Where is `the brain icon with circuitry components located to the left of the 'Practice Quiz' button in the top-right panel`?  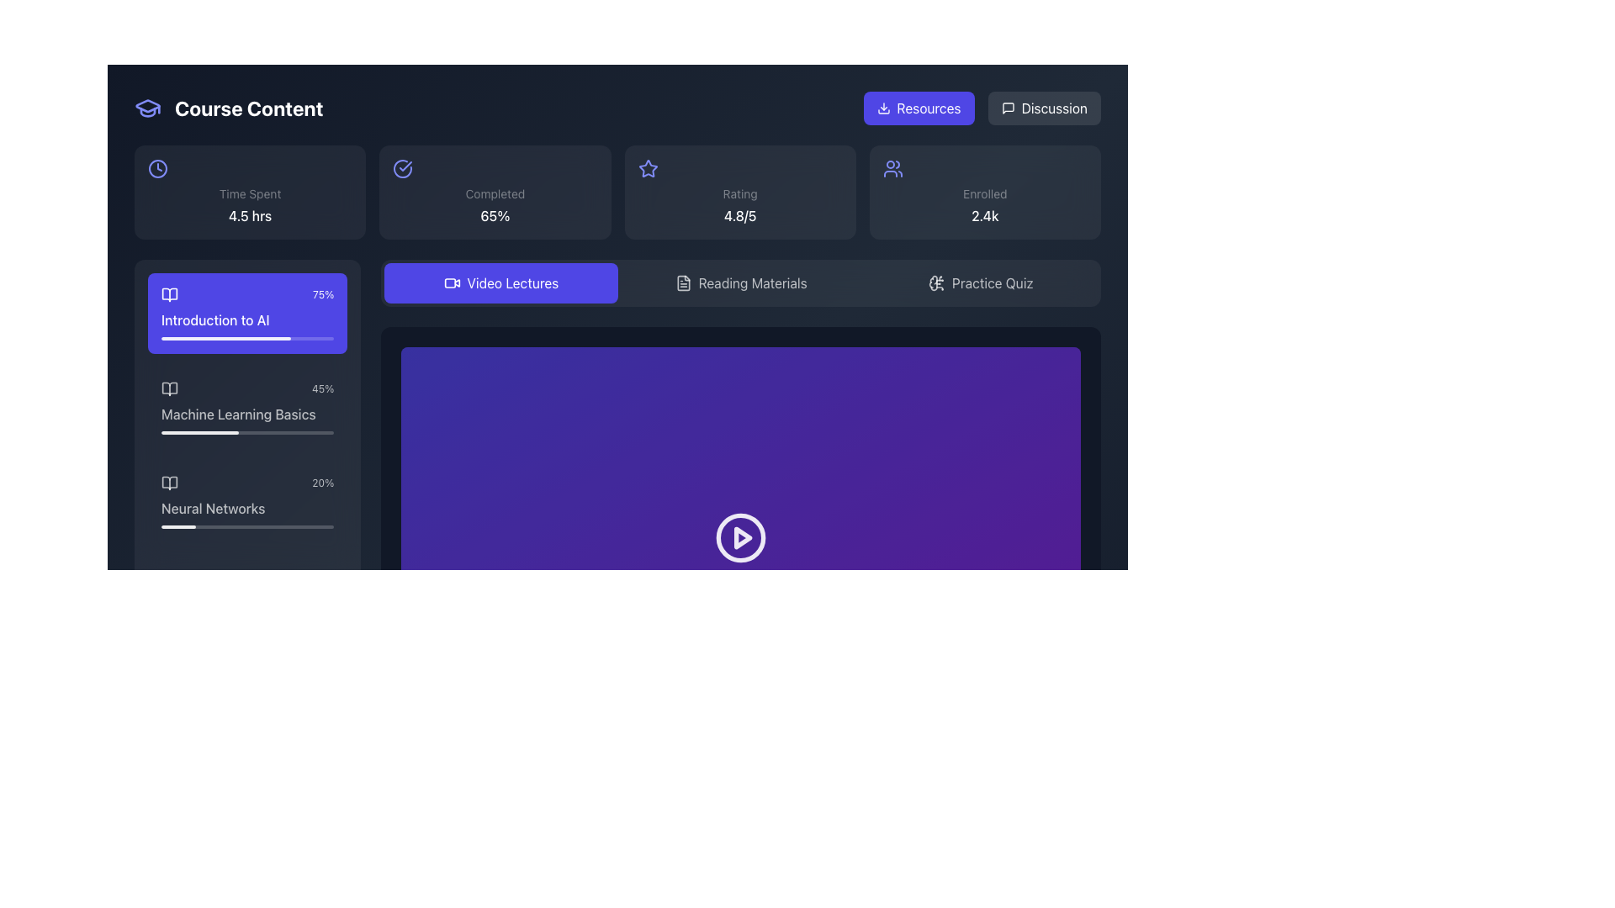 the brain icon with circuitry components located to the left of the 'Practice Quiz' button in the top-right panel is located at coordinates (935, 282).